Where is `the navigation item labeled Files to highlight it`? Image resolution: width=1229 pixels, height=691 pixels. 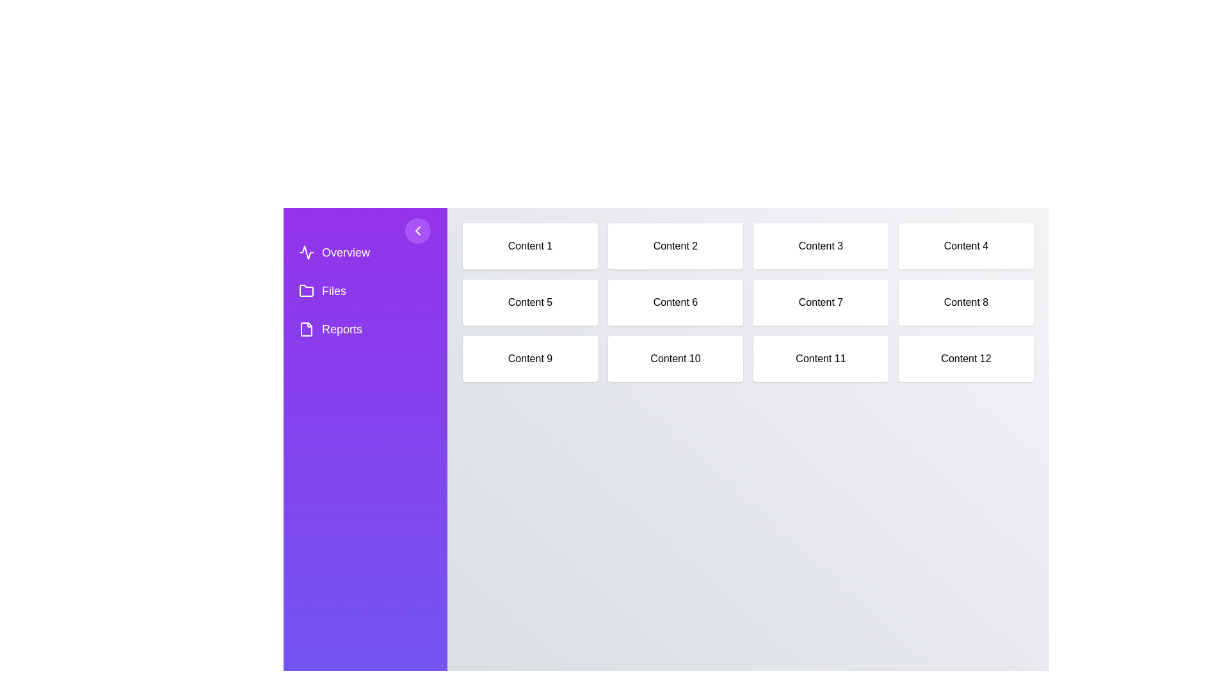 the navigation item labeled Files to highlight it is located at coordinates (365, 291).